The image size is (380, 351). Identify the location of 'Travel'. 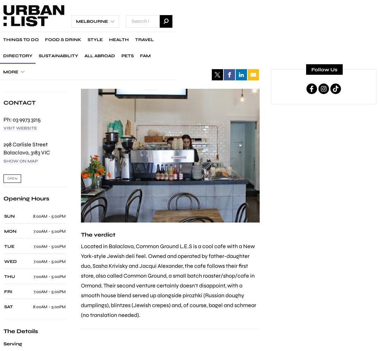
(144, 39).